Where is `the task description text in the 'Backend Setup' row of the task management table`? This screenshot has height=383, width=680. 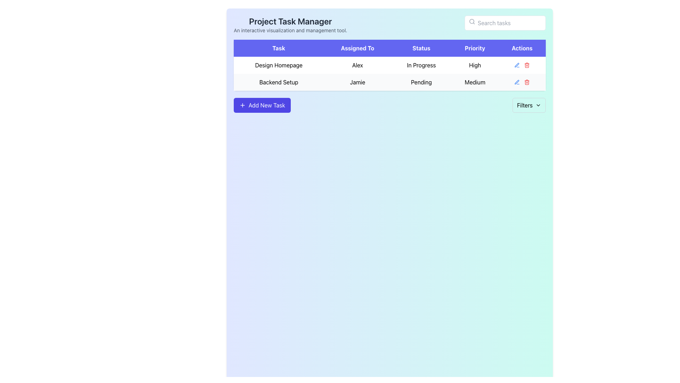
the task description text in the 'Backend Setup' row of the task management table is located at coordinates (278, 82).